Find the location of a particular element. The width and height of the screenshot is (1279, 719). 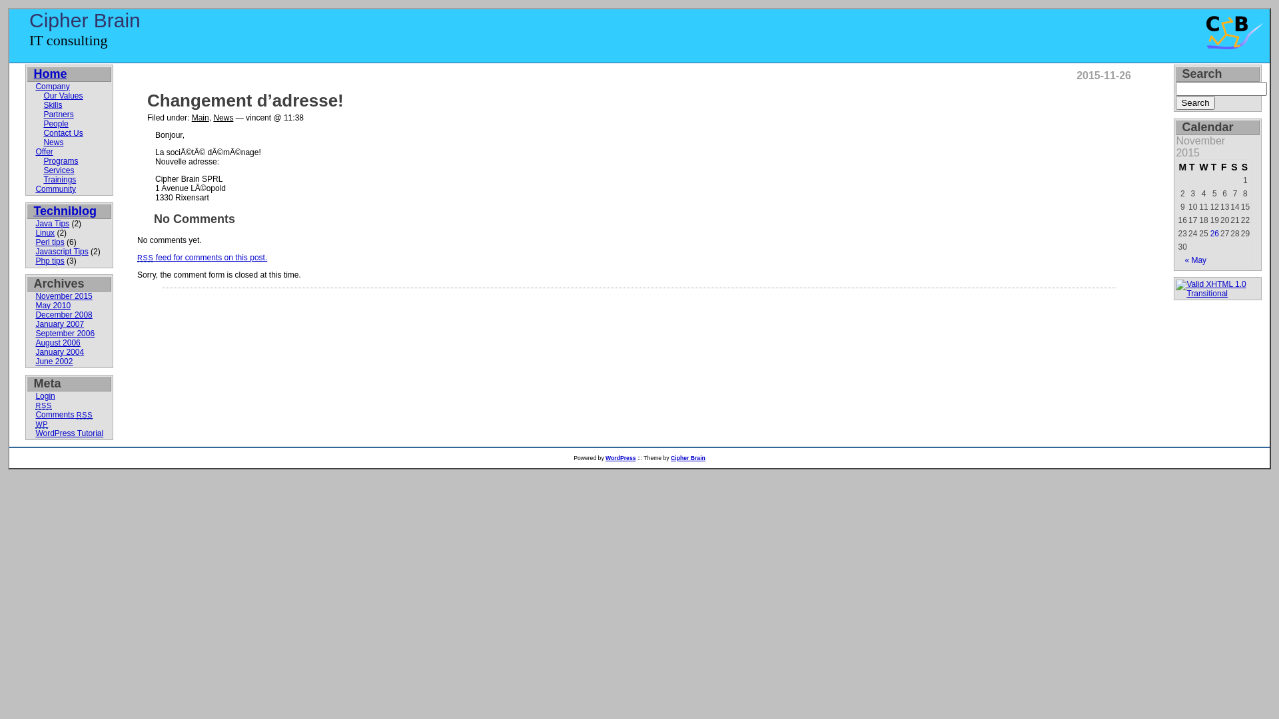

'December 2008' is located at coordinates (63, 315).